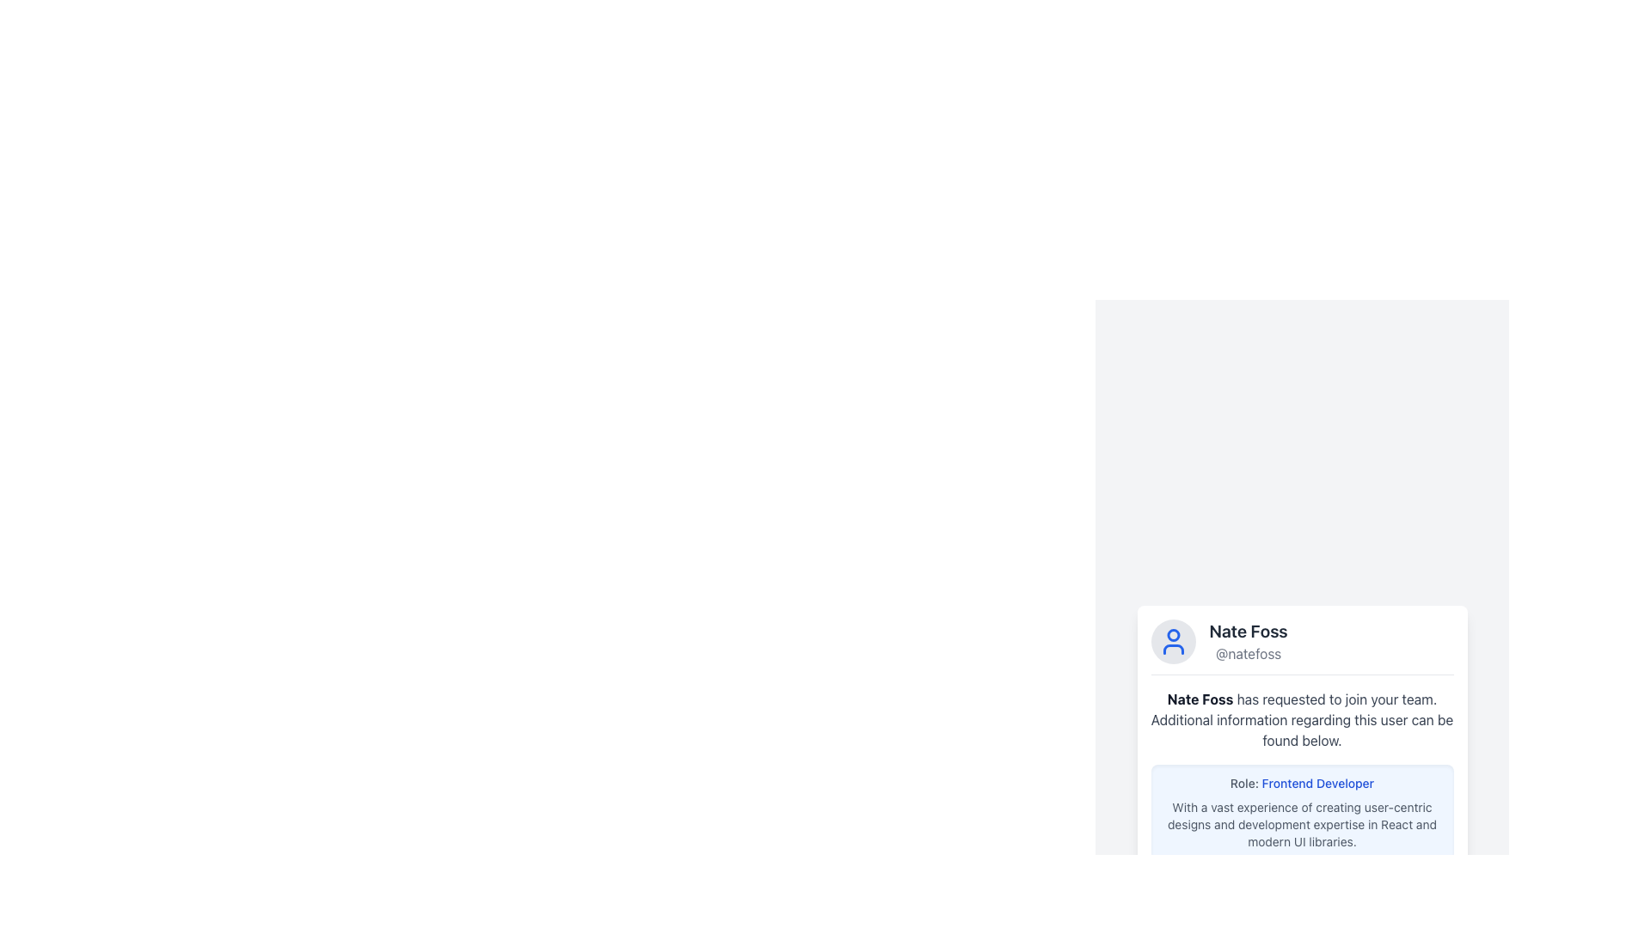 The height and width of the screenshot is (928, 1651). I want to click on the textual paragraph styled with a small font size and gray color, located within a light blue background box, positioned below the 'Role: Frontend Developer' text, so click(1302, 823).